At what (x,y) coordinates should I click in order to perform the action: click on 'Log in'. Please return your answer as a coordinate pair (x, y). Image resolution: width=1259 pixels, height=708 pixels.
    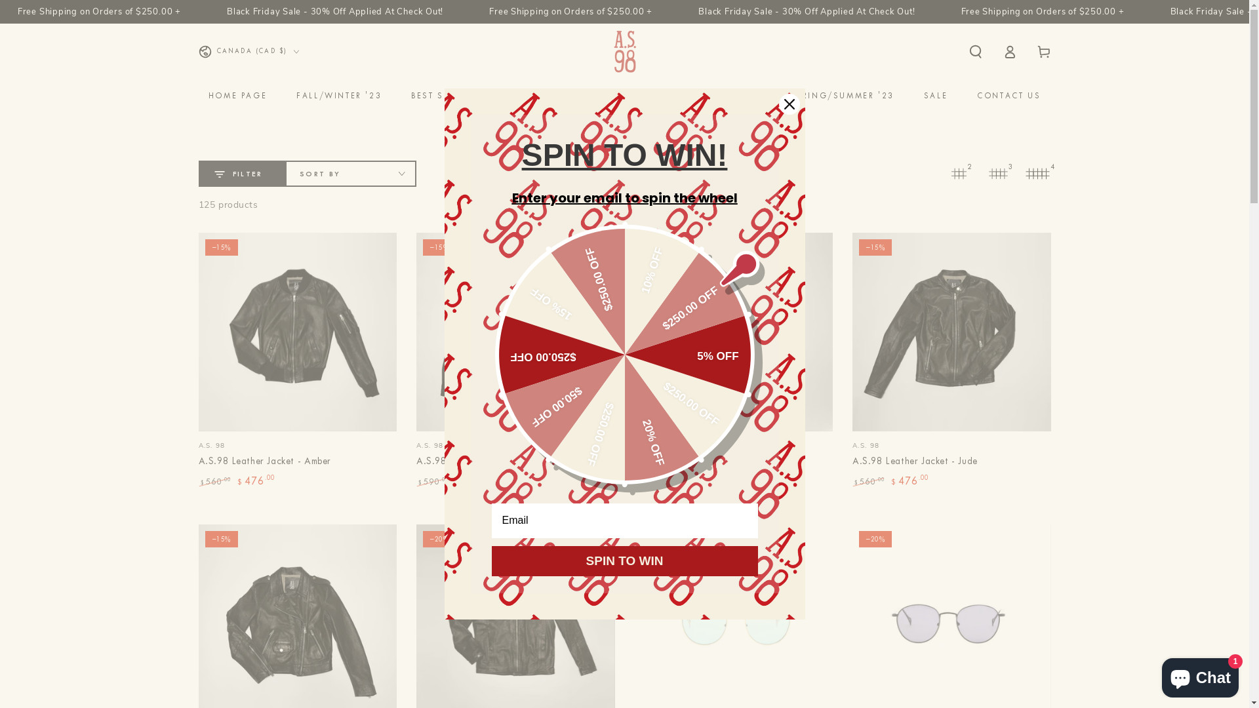
    Looking at the image, I should click on (992, 50).